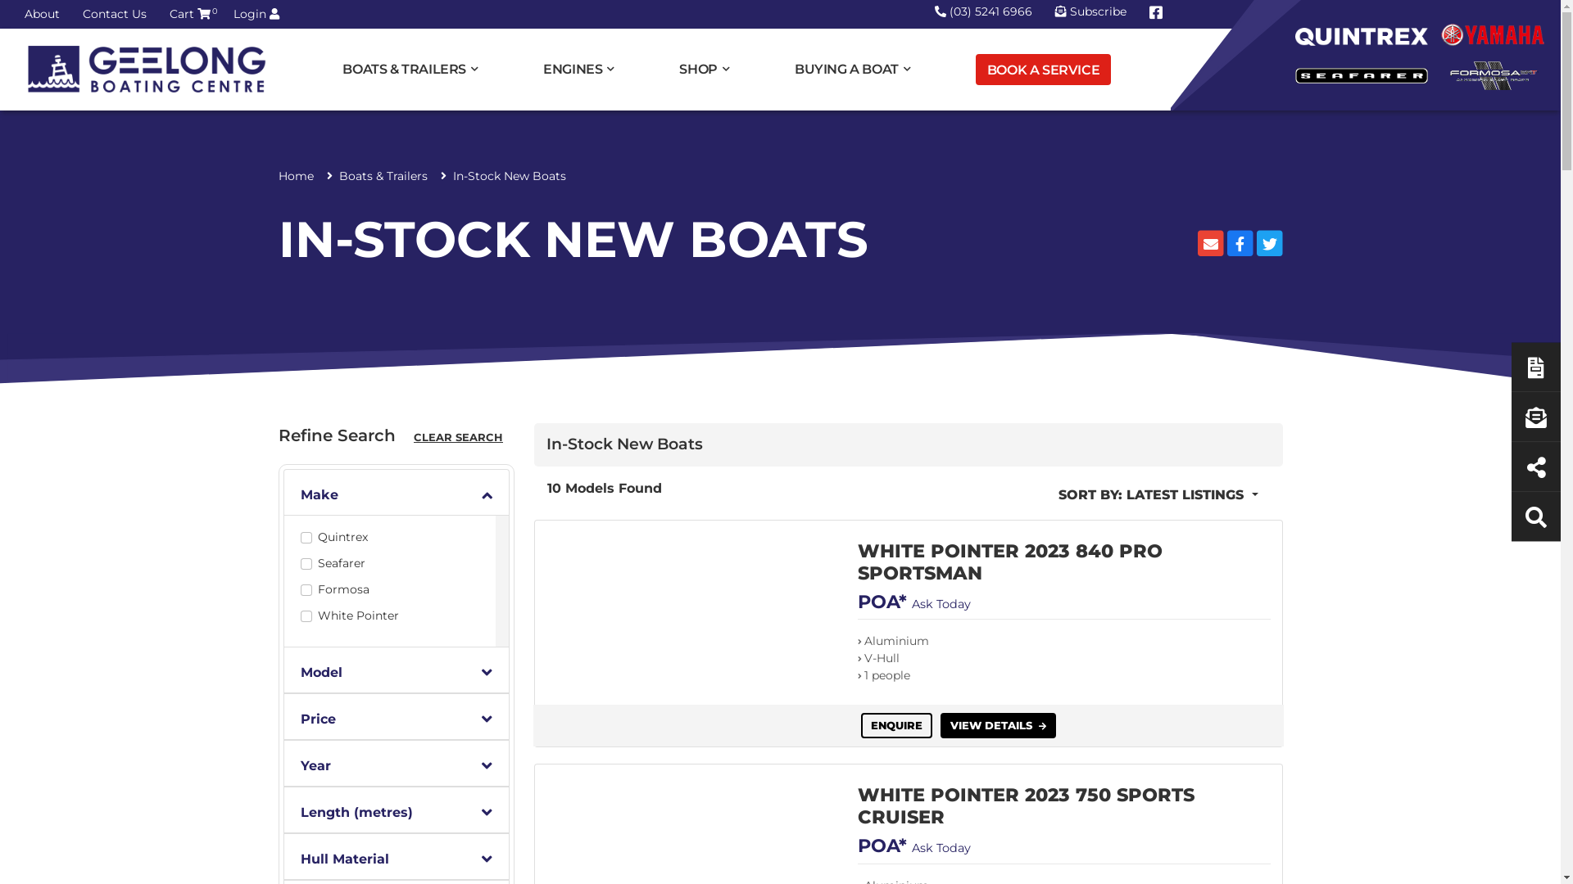 Image resolution: width=1573 pixels, height=884 pixels. What do you see at coordinates (895, 725) in the screenshot?
I see `'ENQUIRE'` at bounding box center [895, 725].